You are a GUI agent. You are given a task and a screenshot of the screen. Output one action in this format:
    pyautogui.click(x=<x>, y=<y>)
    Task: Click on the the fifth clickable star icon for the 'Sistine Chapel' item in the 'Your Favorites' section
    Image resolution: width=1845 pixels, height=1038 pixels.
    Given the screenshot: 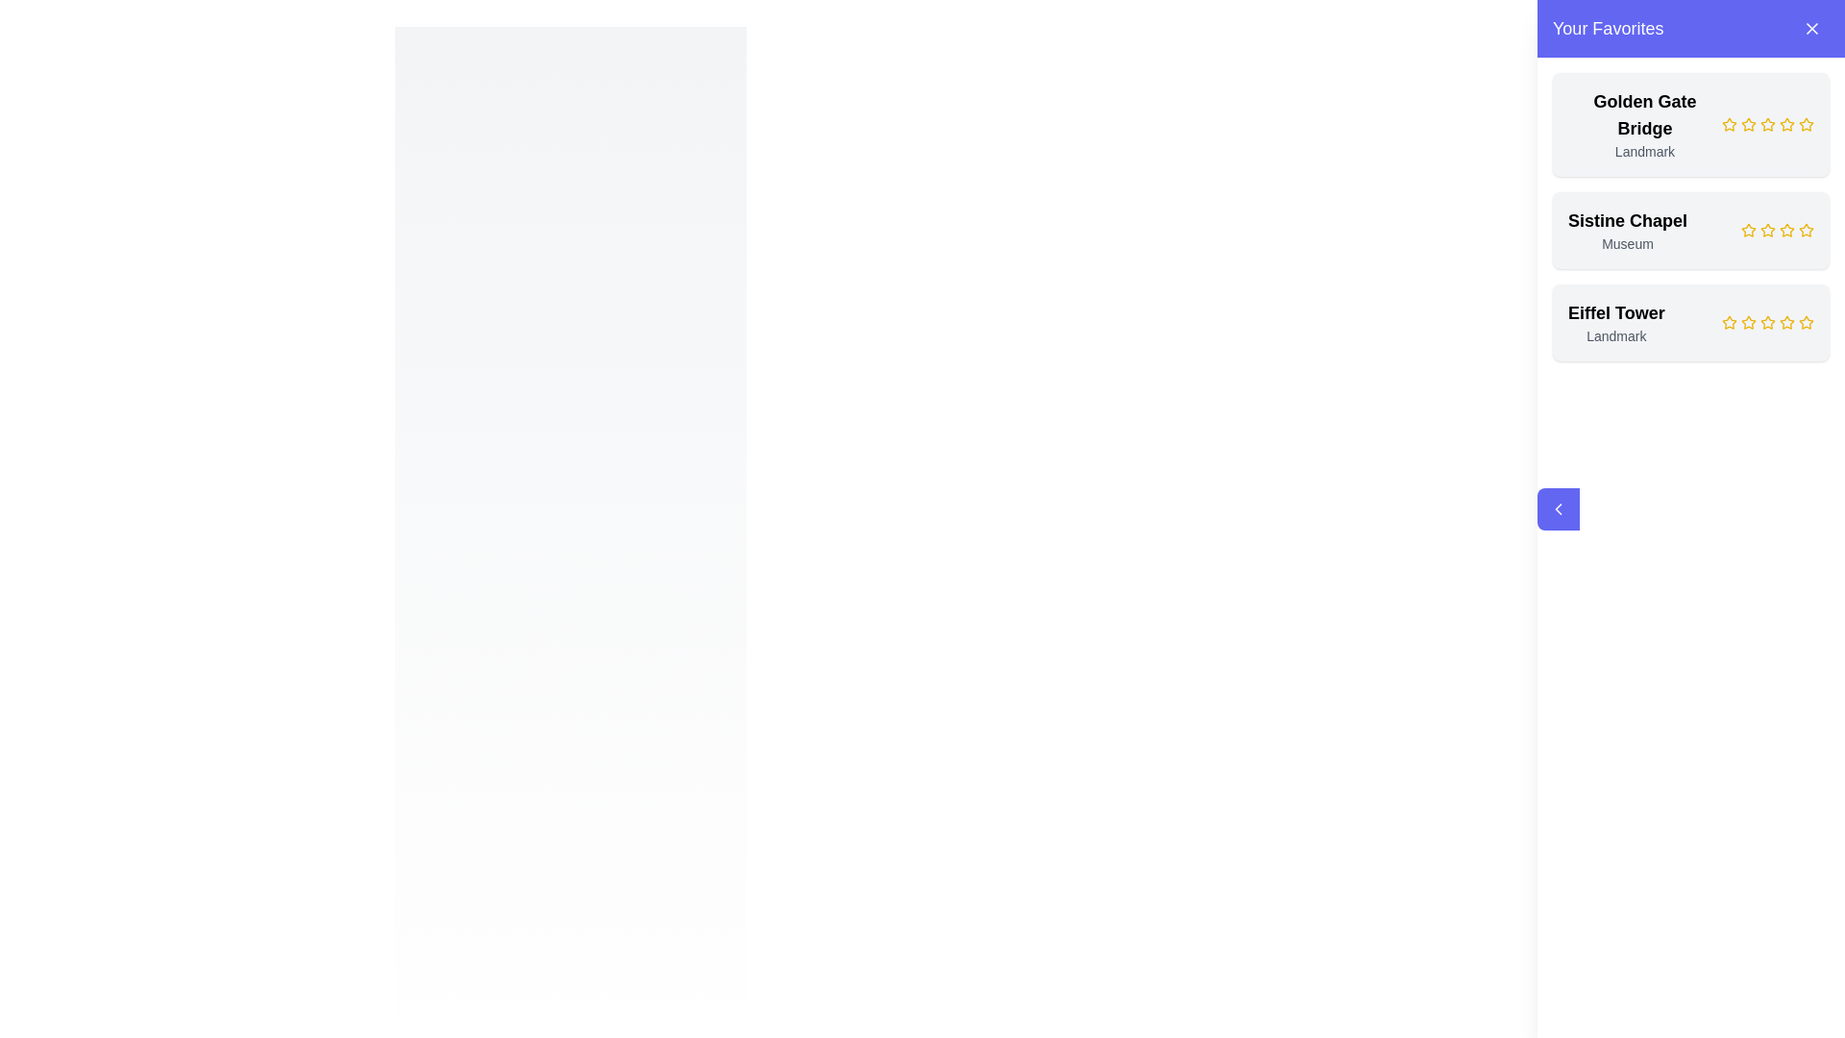 What is the action you would take?
    pyautogui.click(x=1806, y=229)
    